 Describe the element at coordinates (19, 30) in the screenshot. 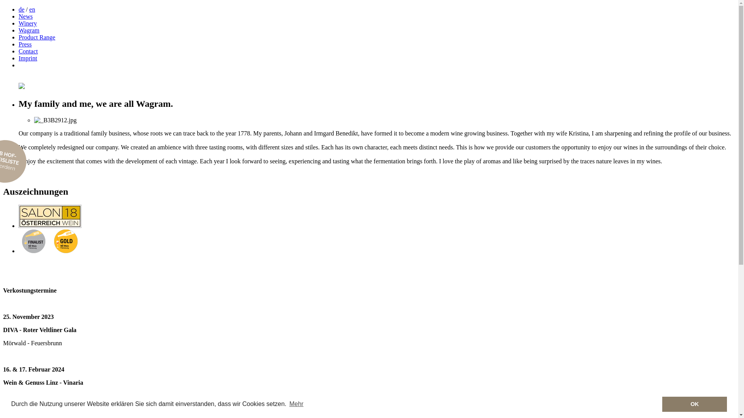

I see `'Wagram'` at that location.